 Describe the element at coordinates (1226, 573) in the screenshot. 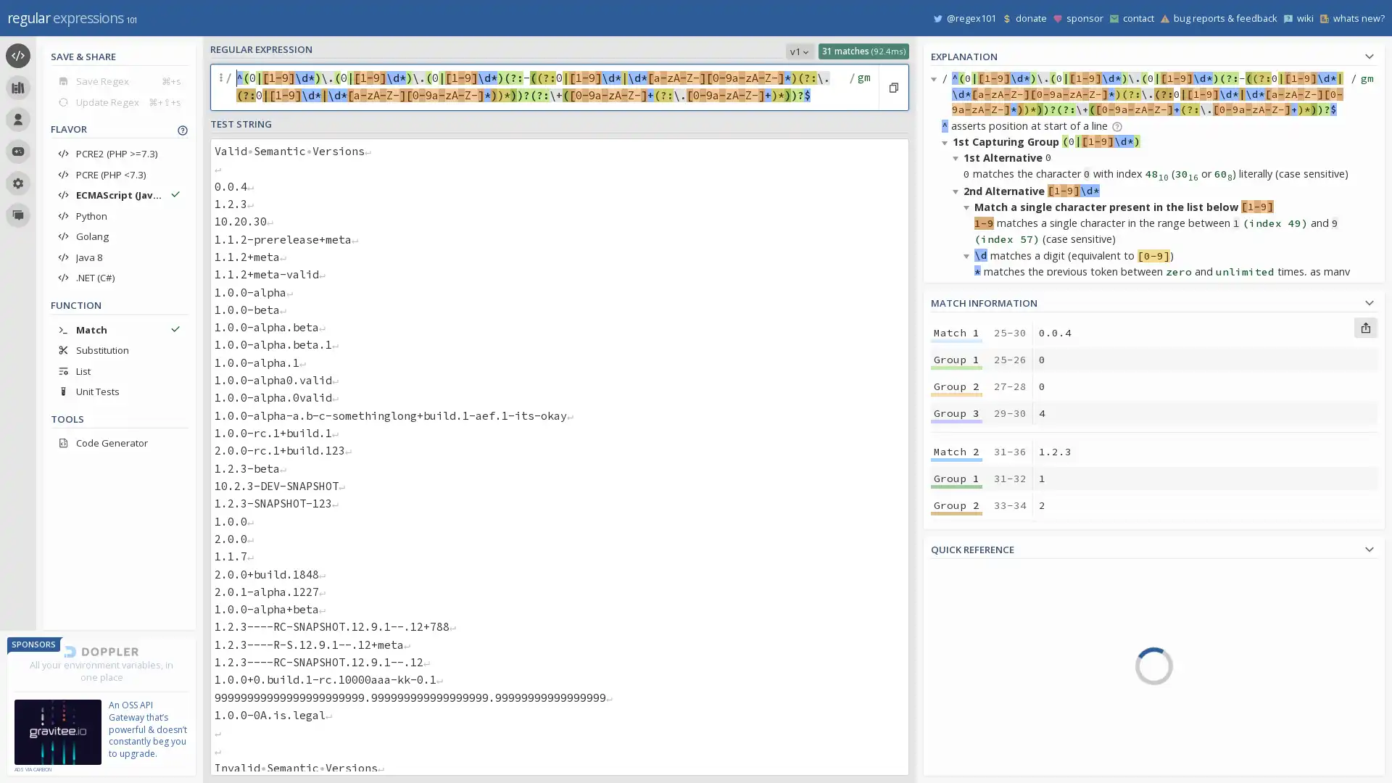

I see `A single character of: a, b or c [abc]` at that location.